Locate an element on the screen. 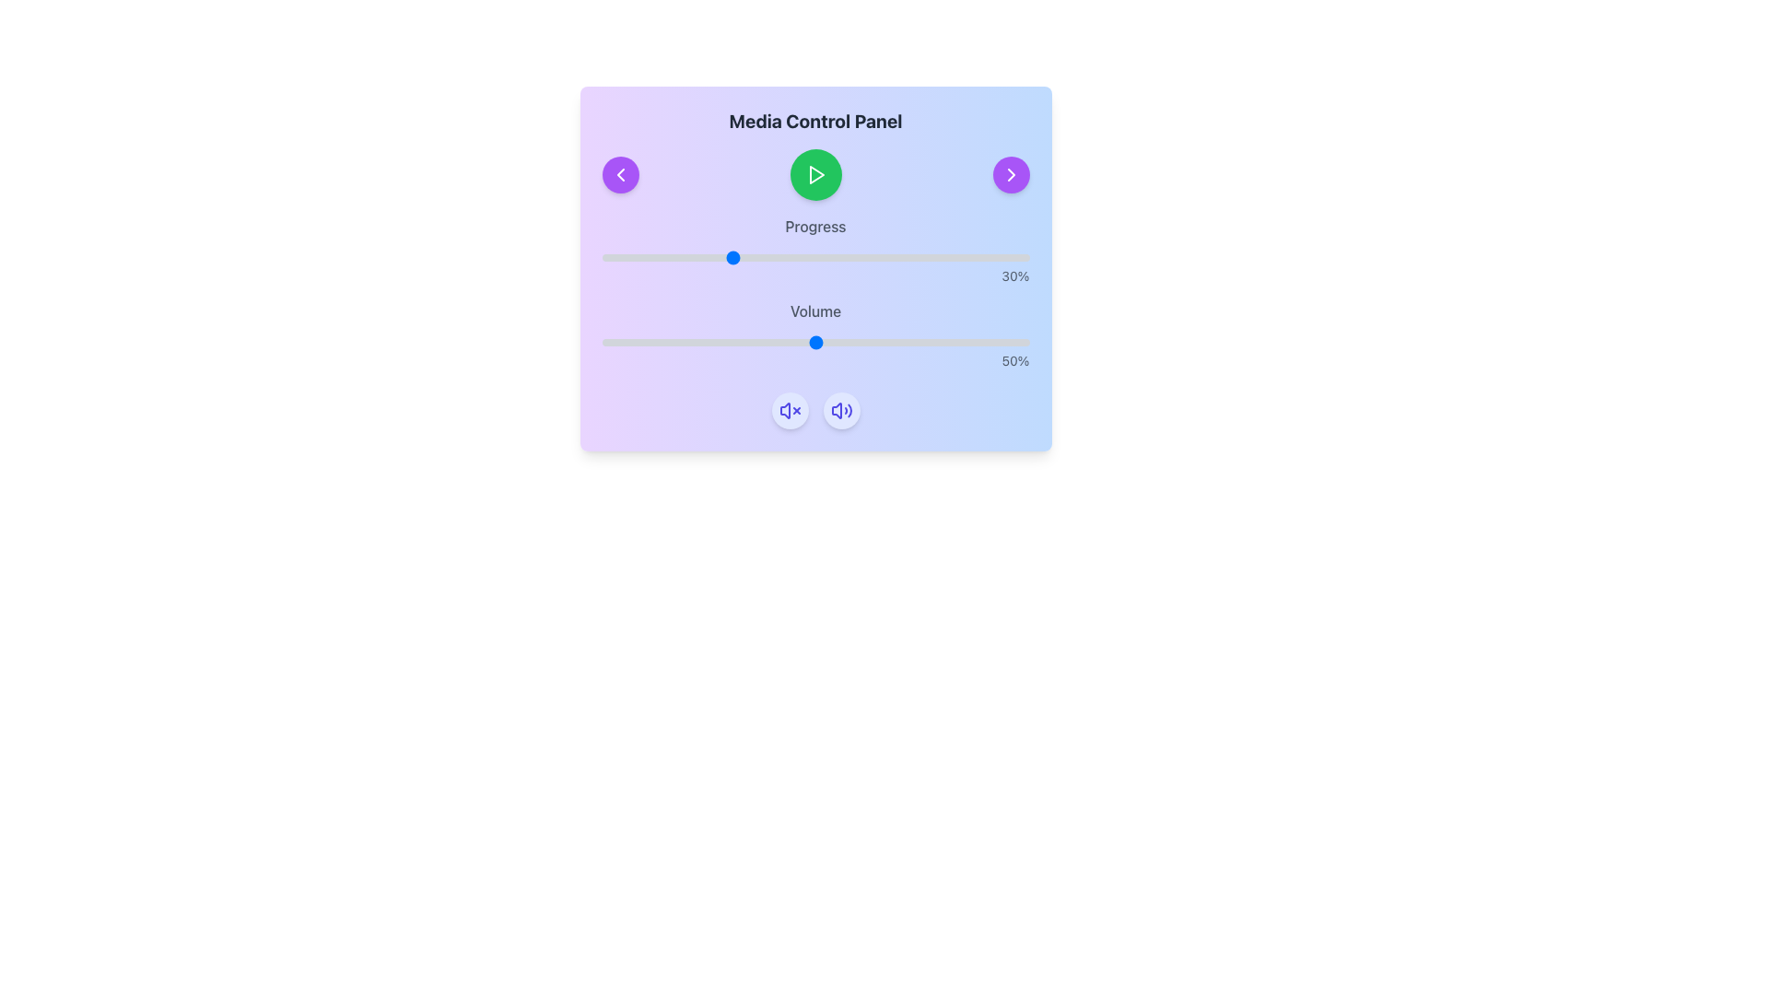 This screenshot has height=995, width=1769. the slider value is located at coordinates (990, 342).